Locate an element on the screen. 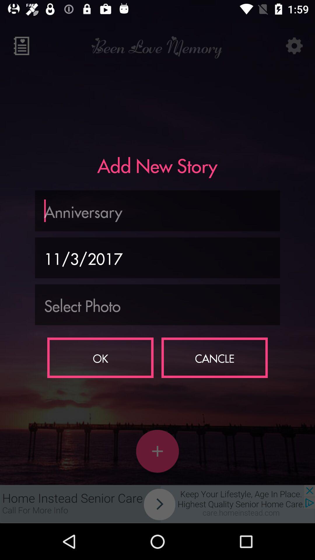  cancle item is located at coordinates (214, 357).